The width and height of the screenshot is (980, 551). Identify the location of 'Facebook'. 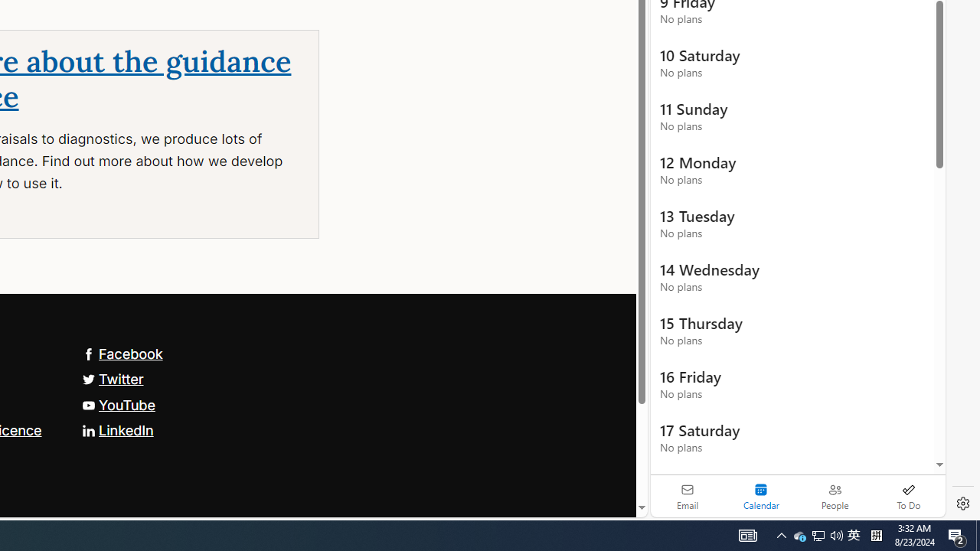
(121, 353).